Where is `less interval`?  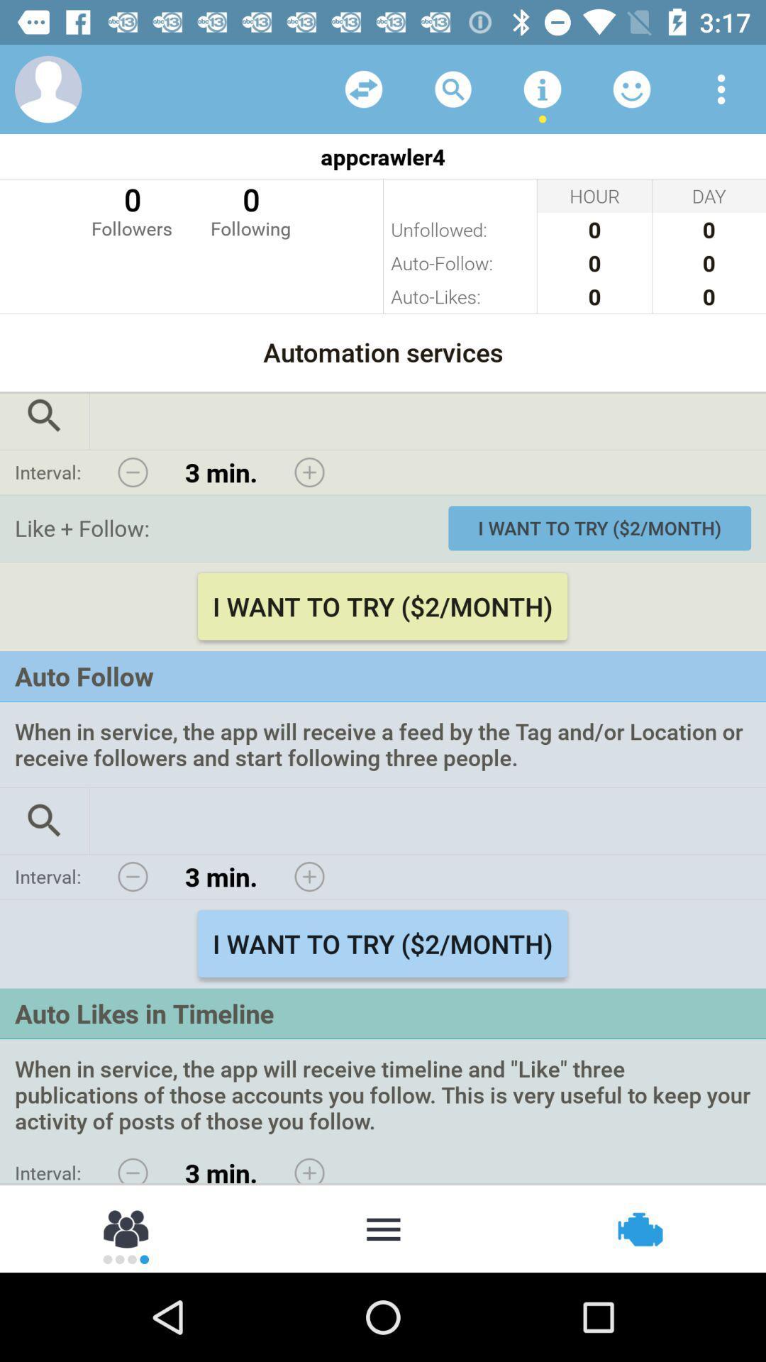
less interval is located at coordinates (133, 1167).